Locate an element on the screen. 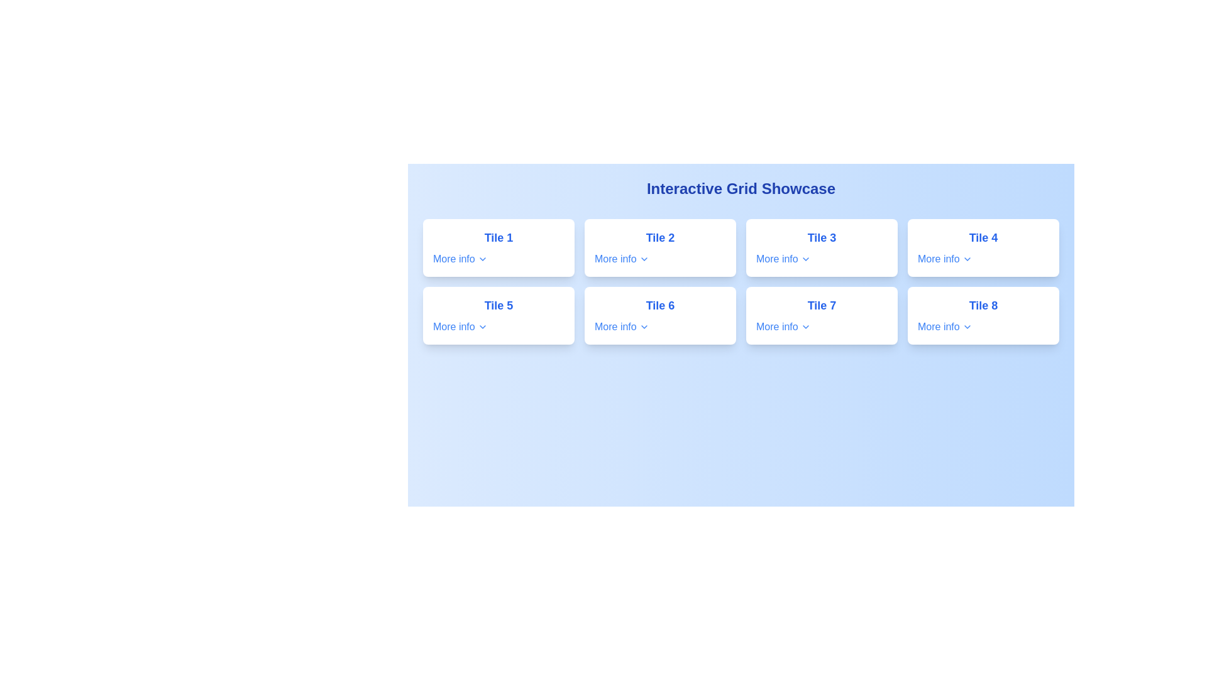 The height and width of the screenshot is (678, 1207). the interactive button or link associated with 'Tile 6' is located at coordinates (622, 326).